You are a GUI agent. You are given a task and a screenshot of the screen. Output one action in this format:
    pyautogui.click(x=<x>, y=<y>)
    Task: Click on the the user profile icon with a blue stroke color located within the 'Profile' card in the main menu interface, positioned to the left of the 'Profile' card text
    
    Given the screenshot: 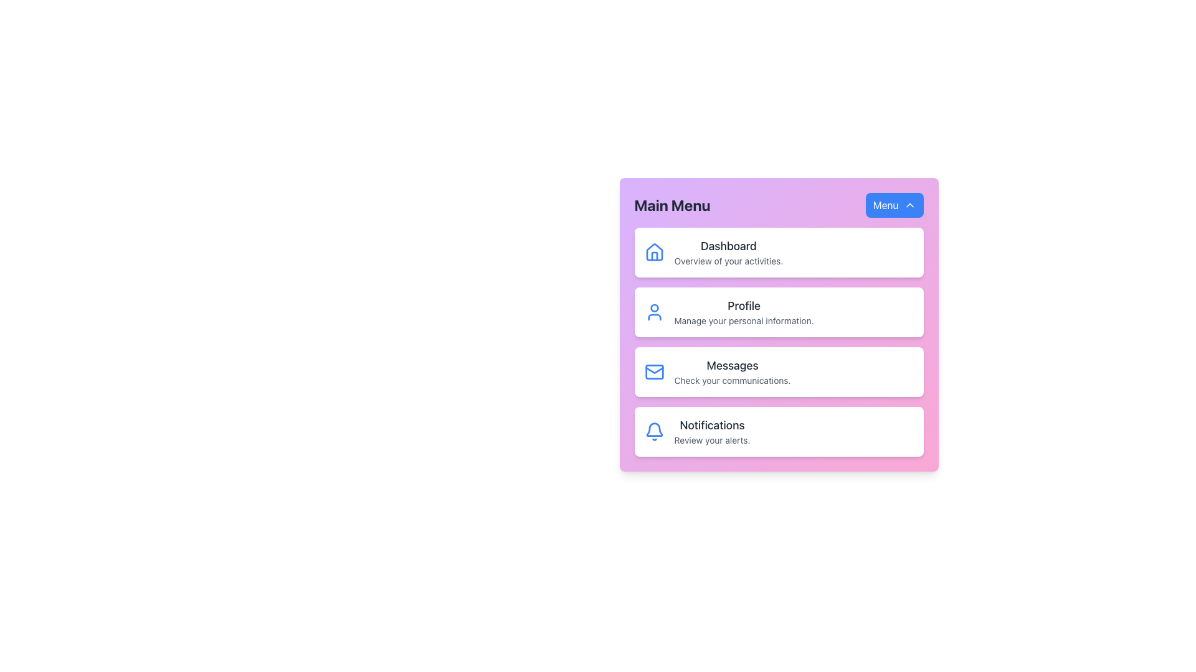 What is the action you would take?
    pyautogui.click(x=653, y=311)
    